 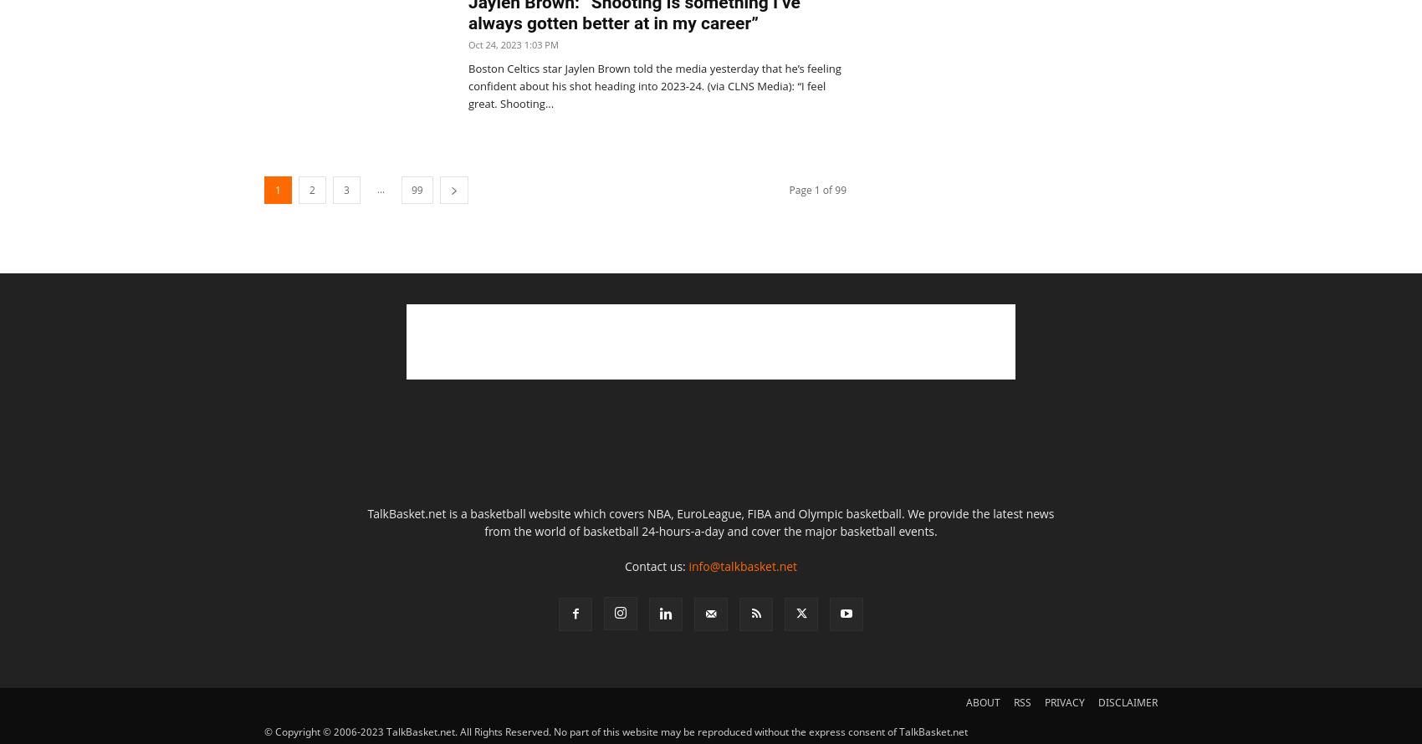 I want to click on '3', so click(x=345, y=189).